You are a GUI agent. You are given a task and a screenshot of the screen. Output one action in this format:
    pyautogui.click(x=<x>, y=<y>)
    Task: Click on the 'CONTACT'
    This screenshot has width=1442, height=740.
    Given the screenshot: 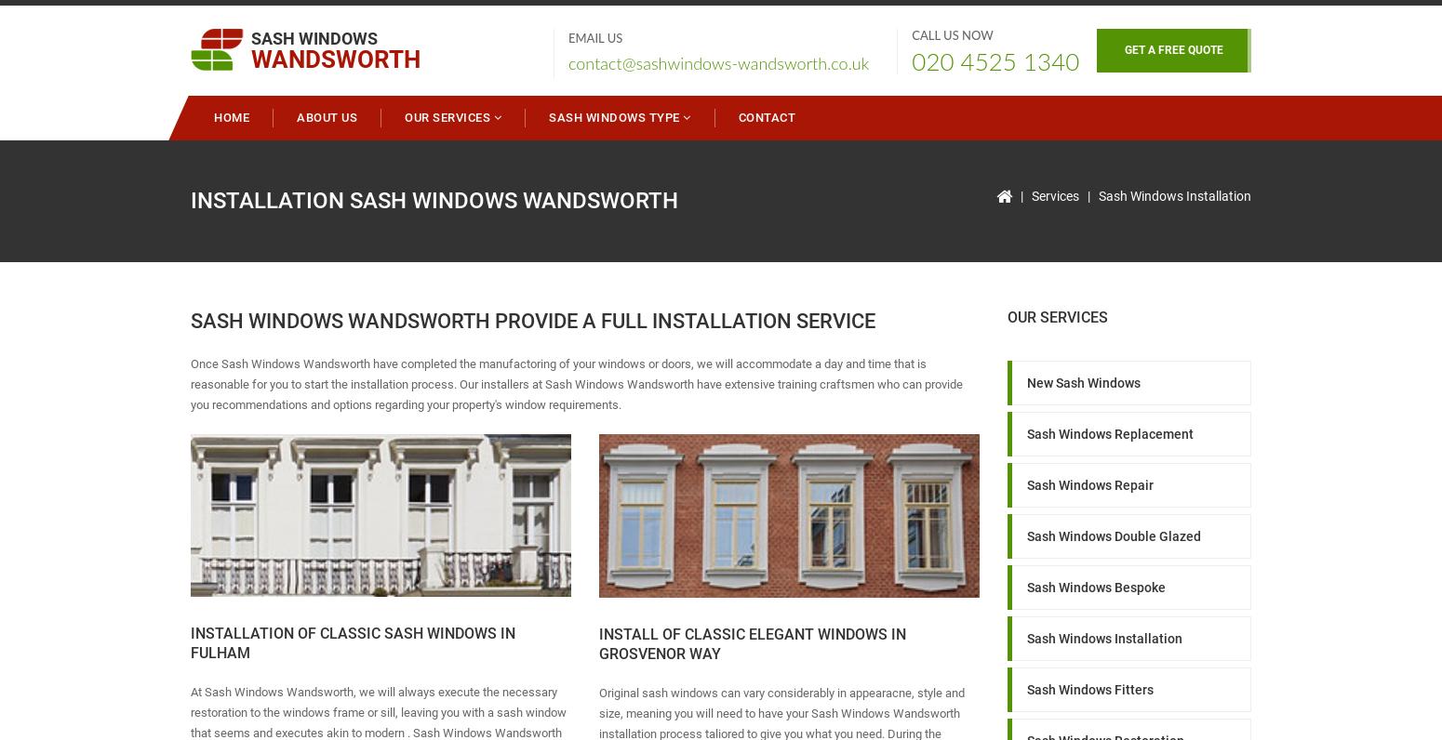 What is the action you would take?
    pyautogui.click(x=765, y=117)
    